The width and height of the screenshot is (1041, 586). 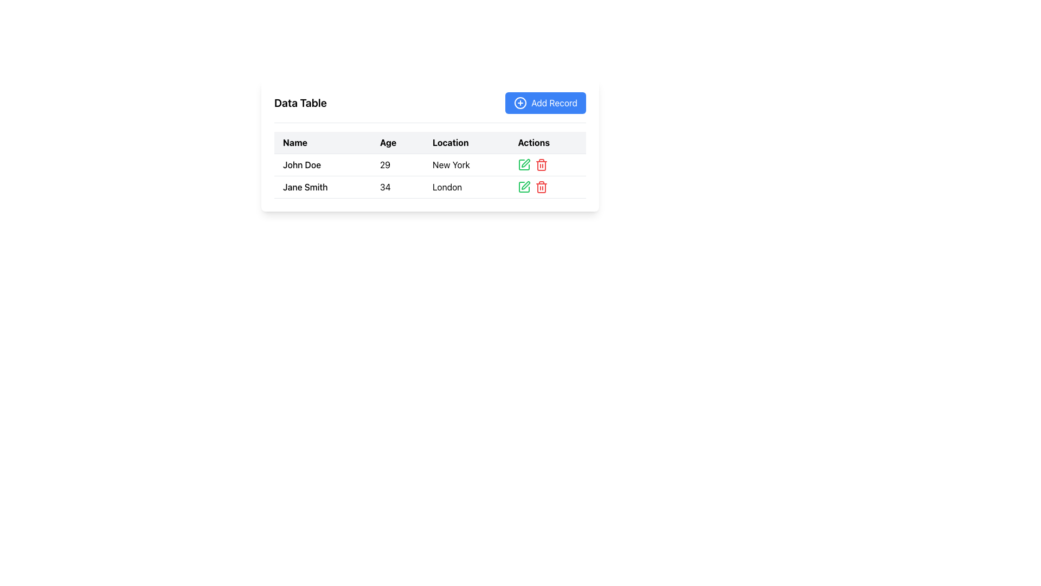 What do you see at coordinates (524, 186) in the screenshot?
I see `the green square button with a pencil icon located in the 'Actions' column of the second row for 'Jane Smith' to enable keyboard navigation` at bounding box center [524, 186].